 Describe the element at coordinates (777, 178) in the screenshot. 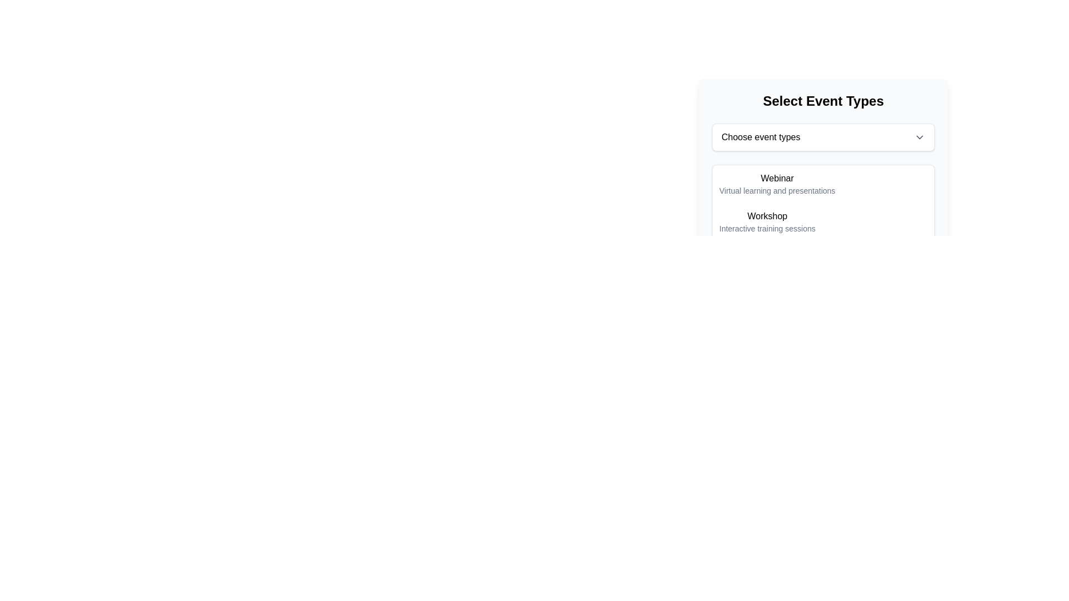

I see `the 'Webinar' label which displays the word in a medium-weight black font on a white background, positioned above the descriptive text in the dropdown under 'Select Event Types'` at that location.